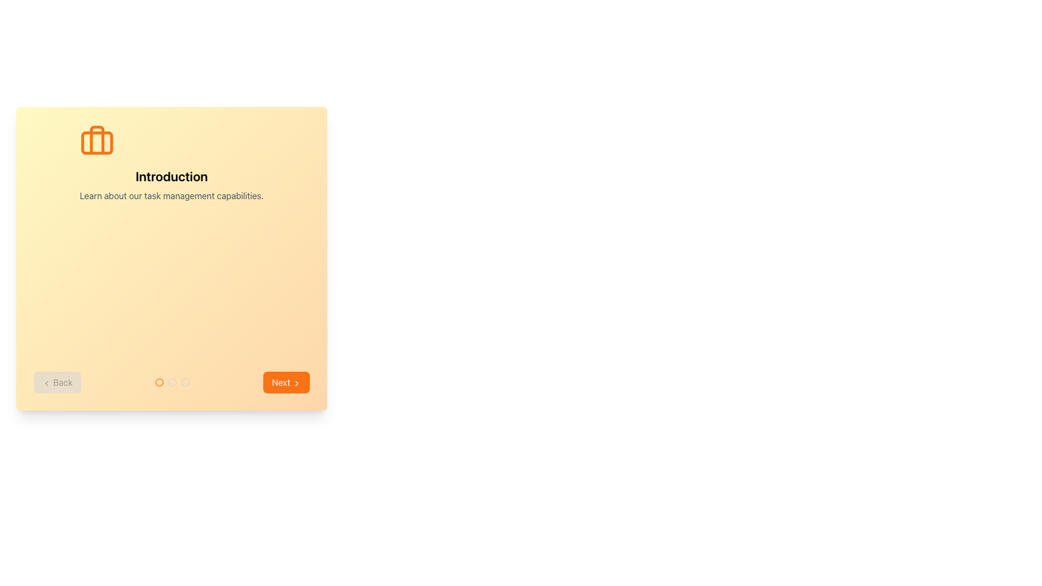 This screenshot has width=1042, height=586. I want to click on the centrally positioned part of the briefcase icon in the upper-left area of the interface, so click(97, 142).